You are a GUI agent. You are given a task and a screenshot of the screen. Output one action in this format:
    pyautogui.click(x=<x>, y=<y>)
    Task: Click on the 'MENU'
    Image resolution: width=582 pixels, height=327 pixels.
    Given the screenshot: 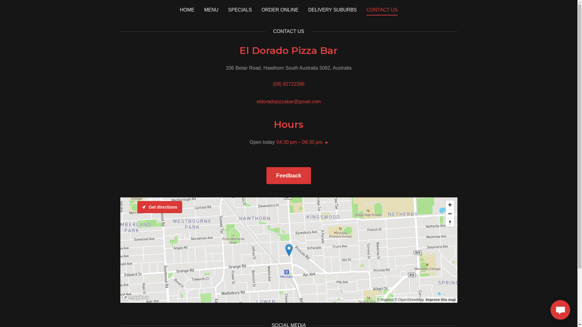 What is the action you would take?
    pyautogui.click(x=211, y=9)
    